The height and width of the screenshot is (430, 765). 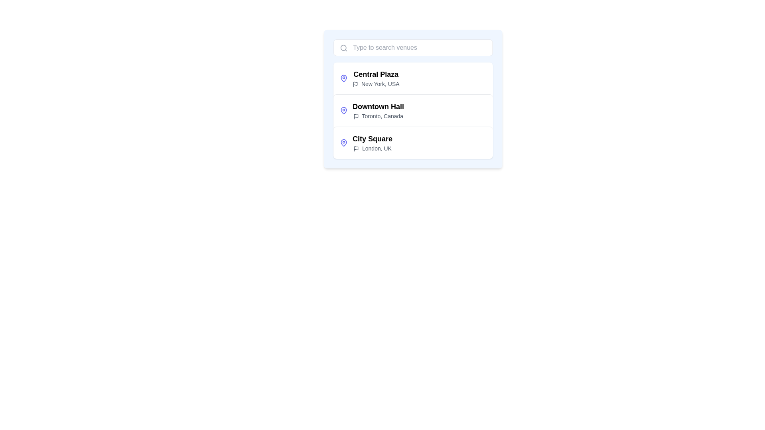 I want to click on the third list item titled 'City Square' with subtitle 'London, UK', so click(x=413, y=142).